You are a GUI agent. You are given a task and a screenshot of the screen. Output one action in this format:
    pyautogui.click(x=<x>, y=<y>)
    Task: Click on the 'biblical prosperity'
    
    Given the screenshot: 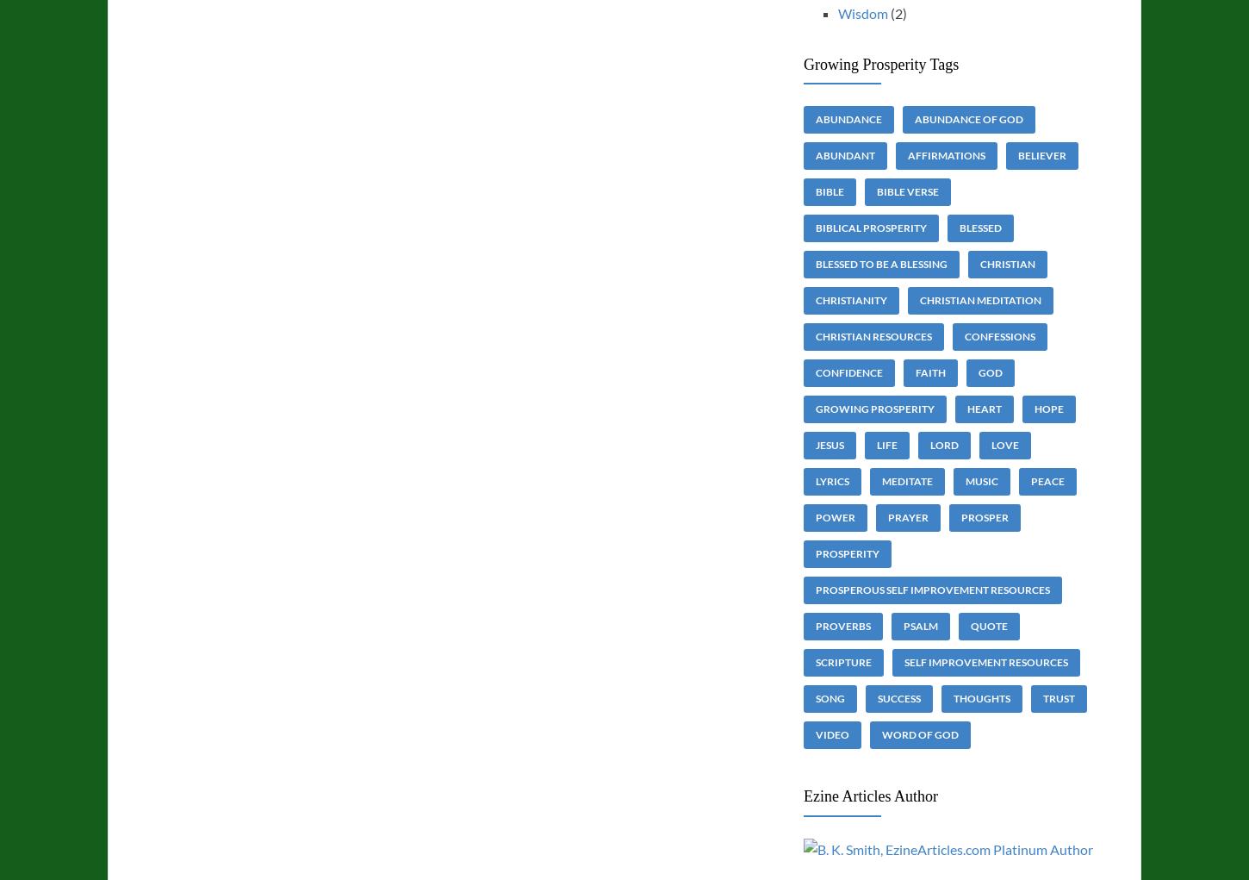 What is the action you would take?
    pyautogui.click(x=870, y=227)
    